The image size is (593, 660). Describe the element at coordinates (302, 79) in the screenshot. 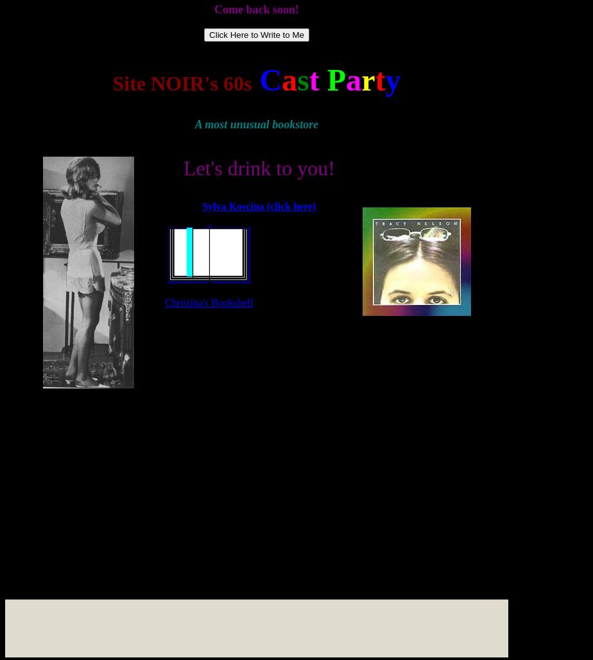

I see `'s'` at that location.